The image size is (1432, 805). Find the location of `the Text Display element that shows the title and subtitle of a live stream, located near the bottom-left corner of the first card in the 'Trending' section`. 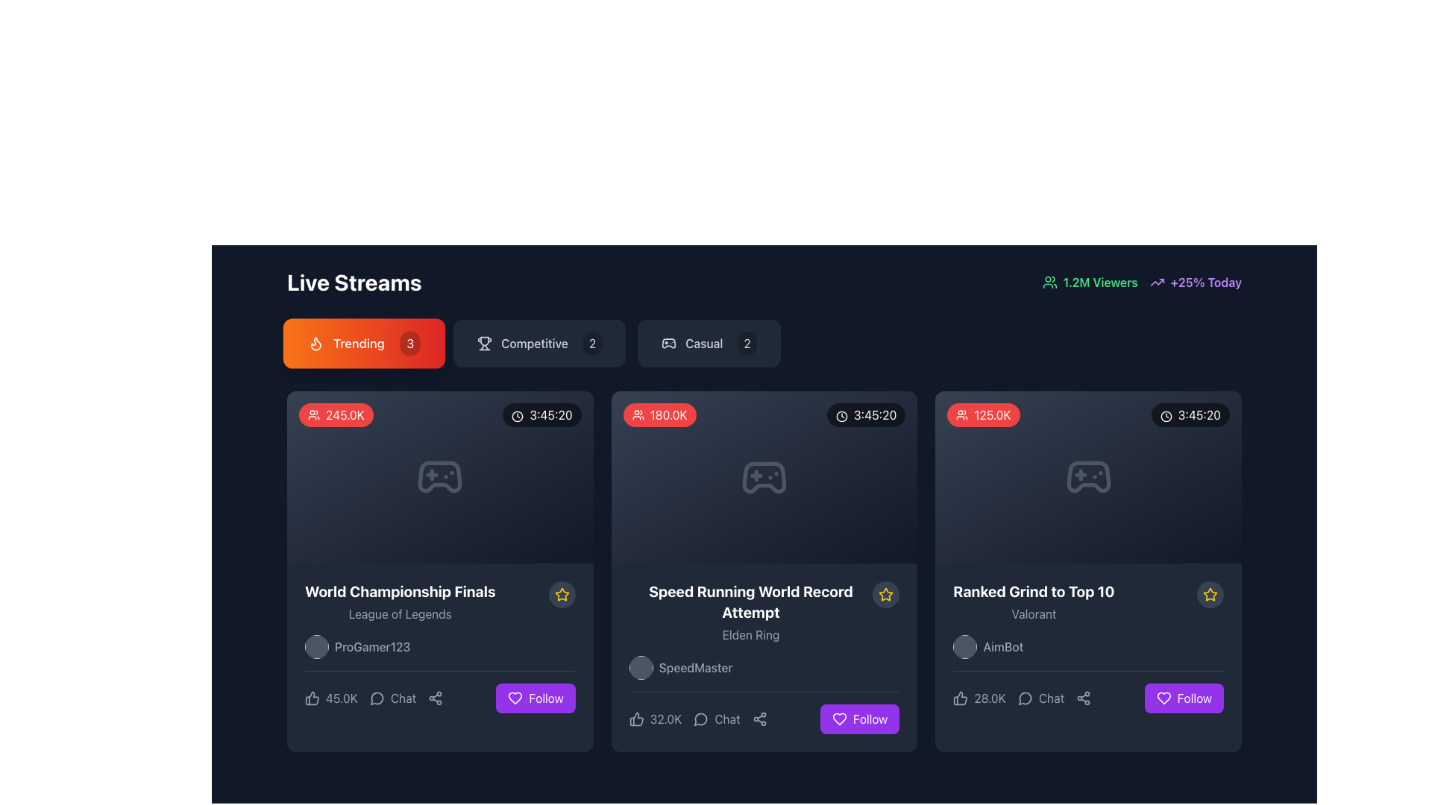

the Text Display element that shows the title and subtitle of a live stream, located near the bottom-left corner of the first card in the 'Trending' section is located at coordinates (400, 601).